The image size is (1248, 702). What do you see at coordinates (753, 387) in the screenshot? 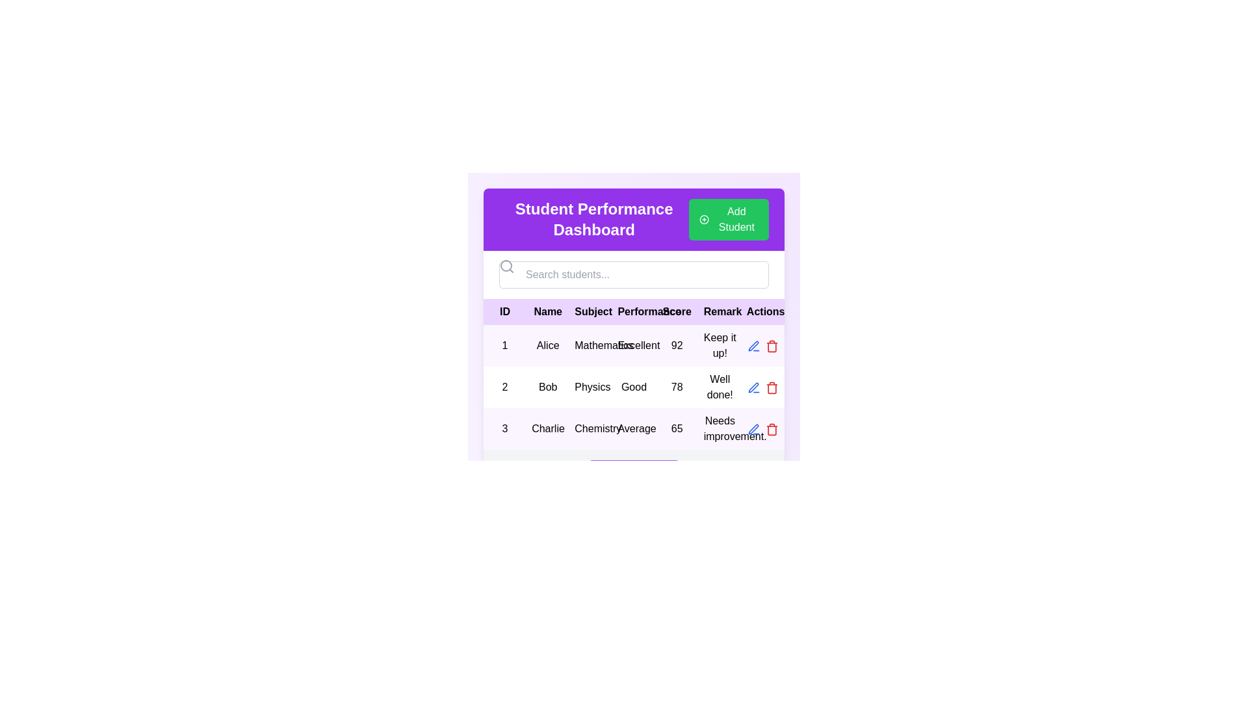
I see `the leftmost icon in the 'Actions' column of the table row associated with the student named 'Charlie'` at bounding box center [753, 387].